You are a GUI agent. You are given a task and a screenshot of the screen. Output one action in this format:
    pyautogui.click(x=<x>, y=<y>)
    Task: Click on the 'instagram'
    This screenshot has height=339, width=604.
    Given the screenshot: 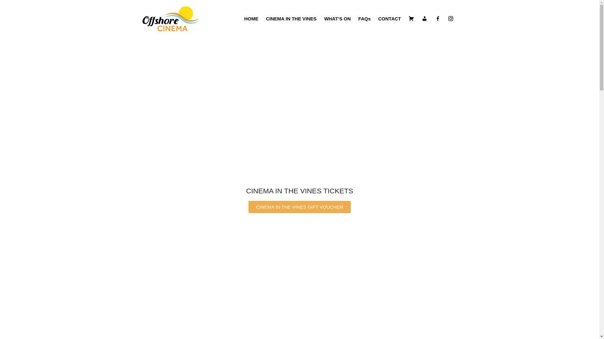 What is the action you would take?
    pyautogui.click(x=450, y=19)
    